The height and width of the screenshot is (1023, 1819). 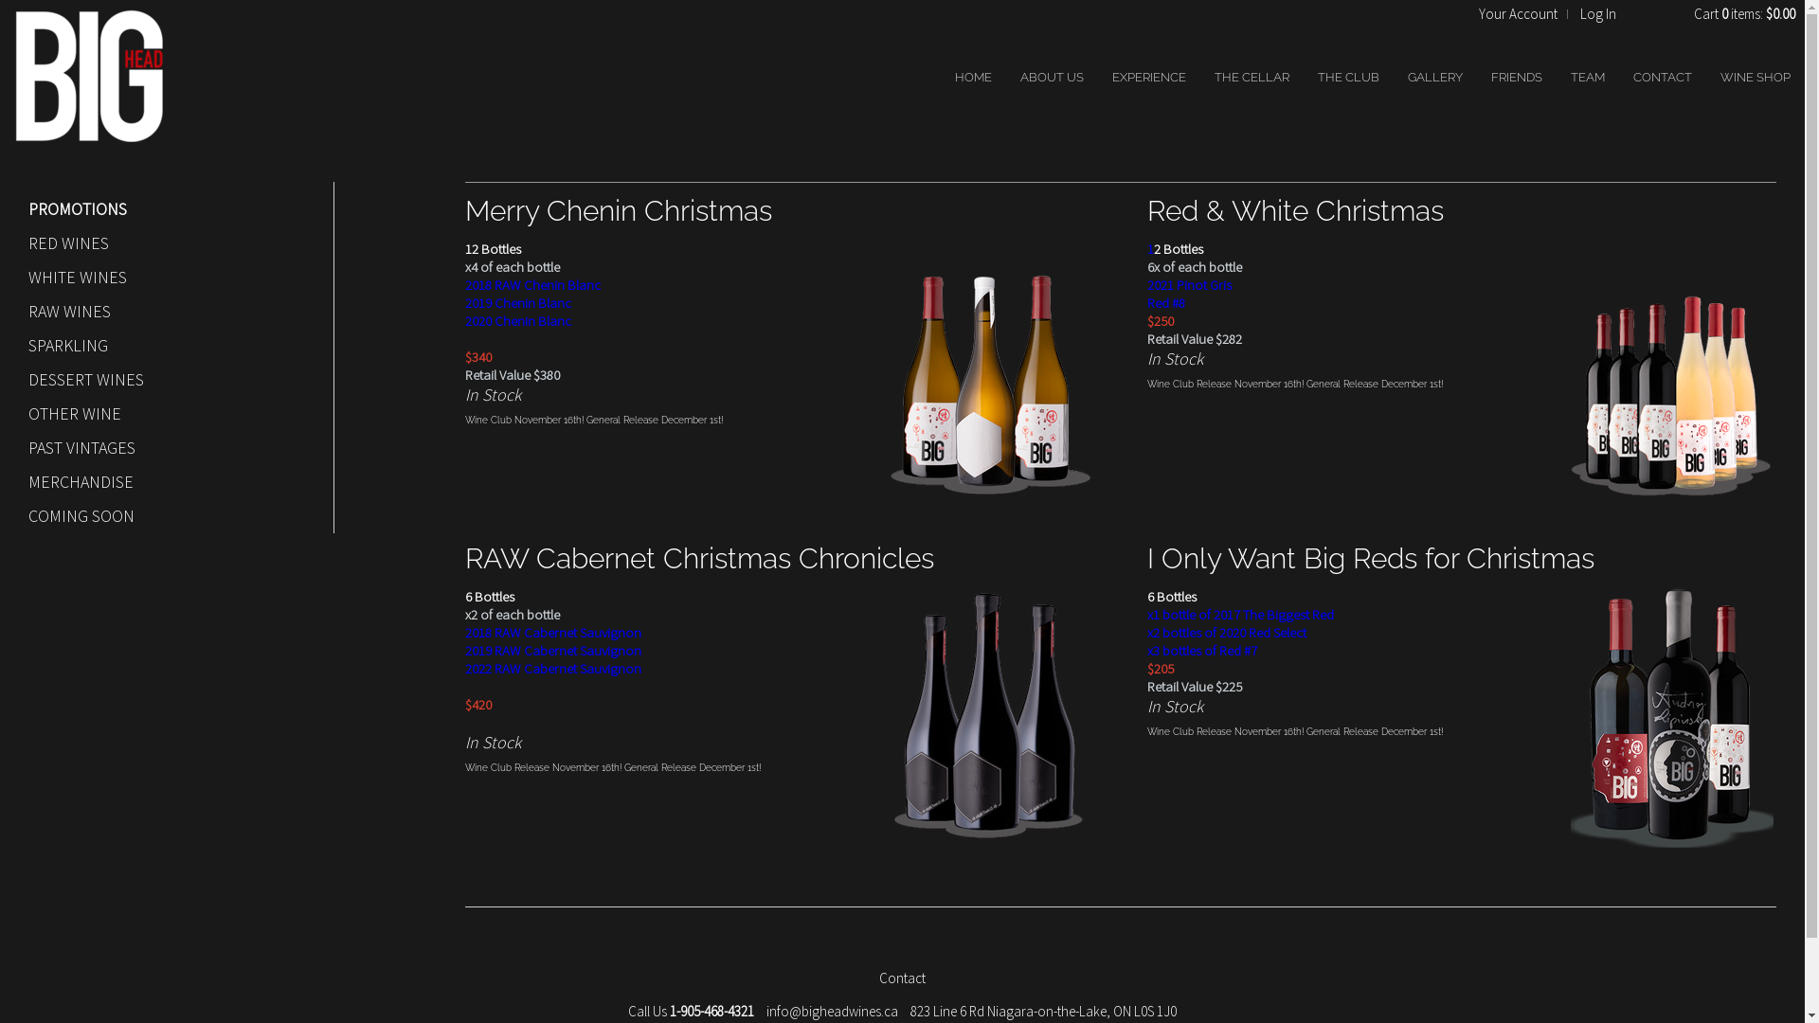 What do you see at coordinates (1596, 13) in the screenshot?
I see `'Log In'` at bounding box center [1596, 13].